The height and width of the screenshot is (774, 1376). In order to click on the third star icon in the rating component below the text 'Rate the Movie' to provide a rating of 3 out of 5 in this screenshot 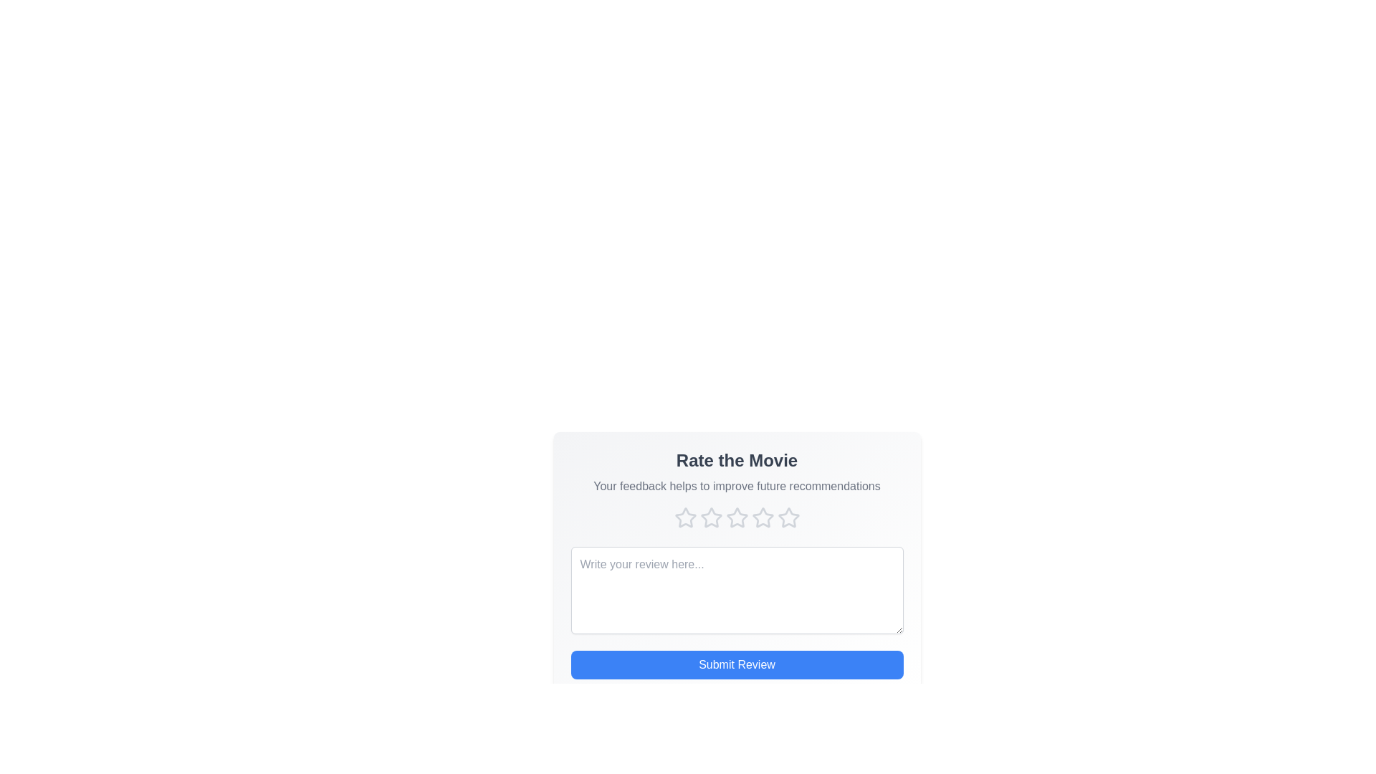, I will do `click(737, 517)`.